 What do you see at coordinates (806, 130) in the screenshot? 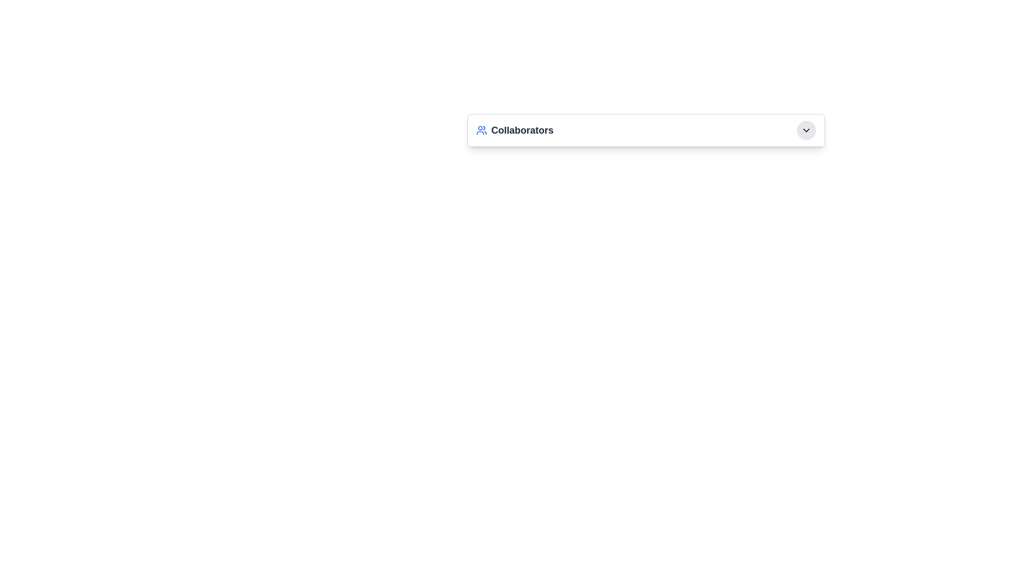
I see `the downward-pointing chevron SVG icon located within the rightmost section of the 'Collaborators' button to trigger a tooltip or visual response` at bounding box center [806, 130].